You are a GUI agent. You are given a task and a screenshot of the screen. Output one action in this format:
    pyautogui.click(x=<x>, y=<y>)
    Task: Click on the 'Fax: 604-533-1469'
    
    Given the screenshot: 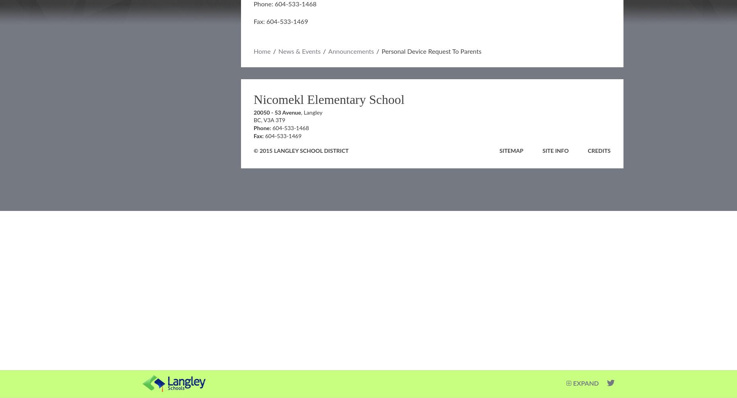 What is the action you would take?
    pyautogui.click(x=280, y=22)
    